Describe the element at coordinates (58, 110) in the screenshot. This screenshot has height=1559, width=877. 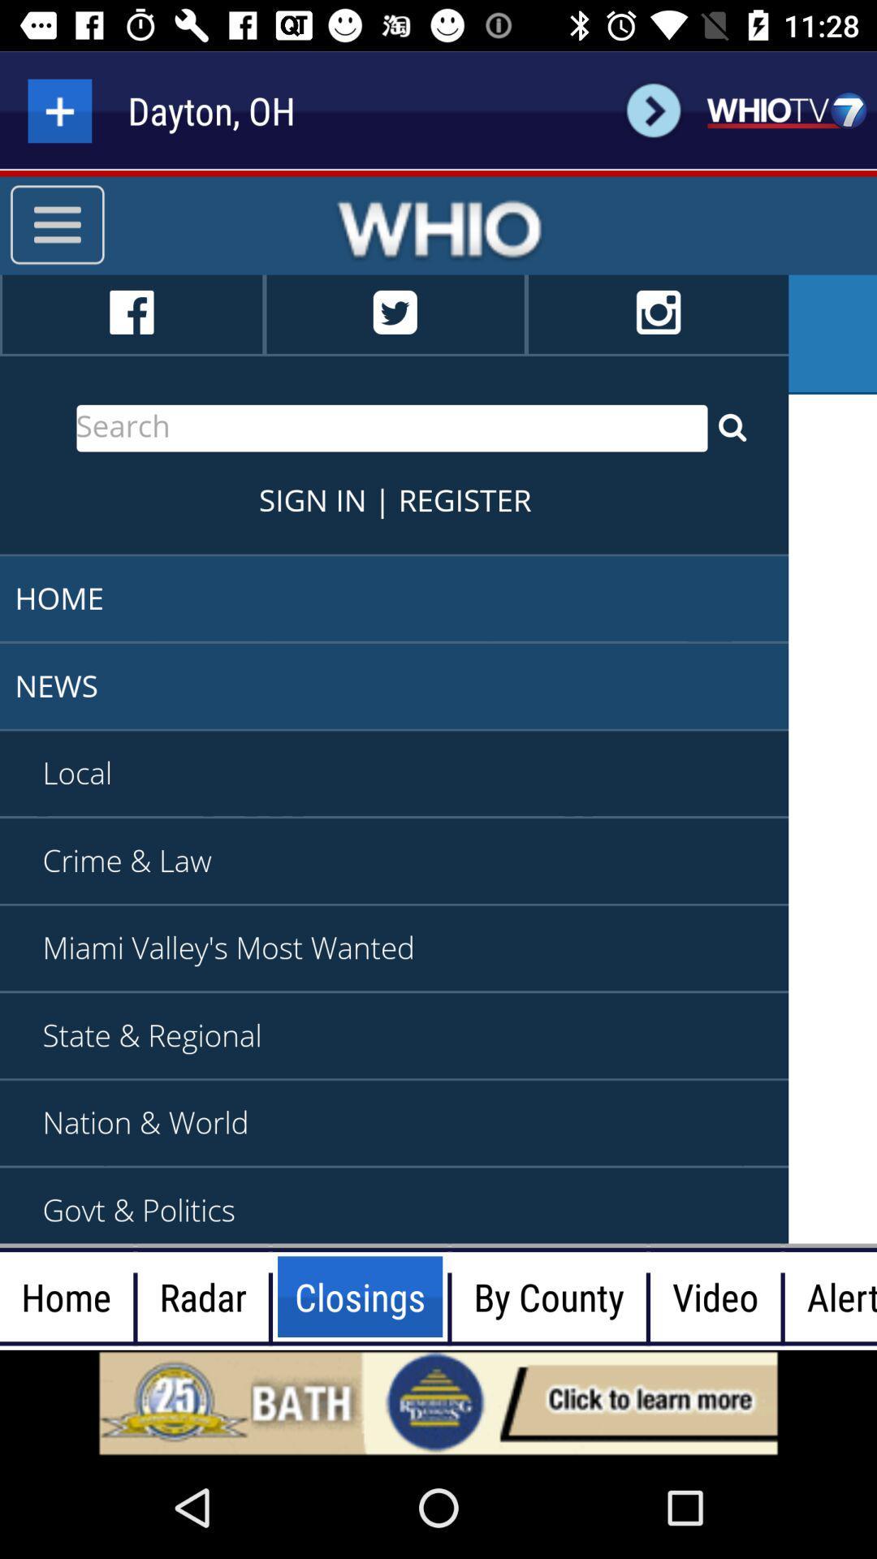
I see `the add icon` at that location.